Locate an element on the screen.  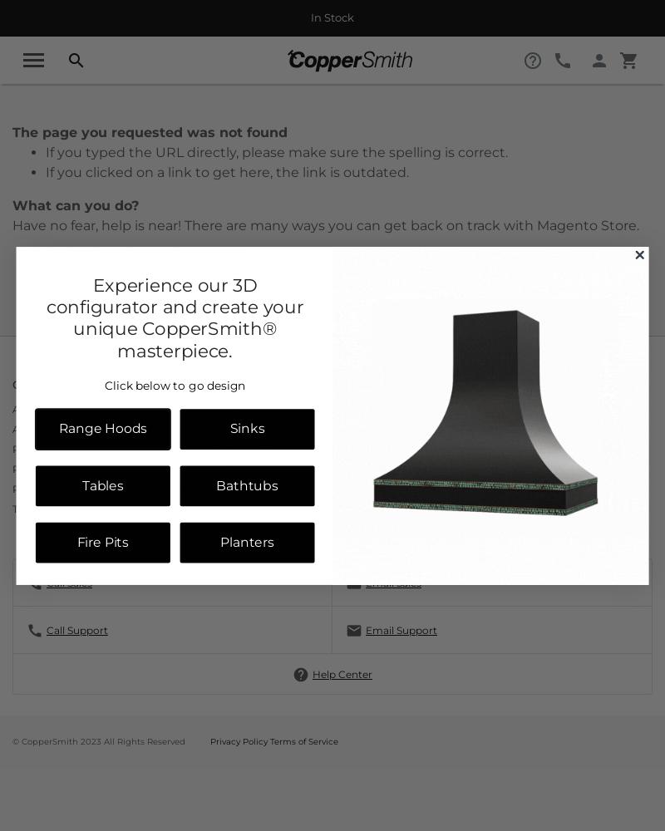
'Shipping & Returns' is located at coordinates (345, 467).